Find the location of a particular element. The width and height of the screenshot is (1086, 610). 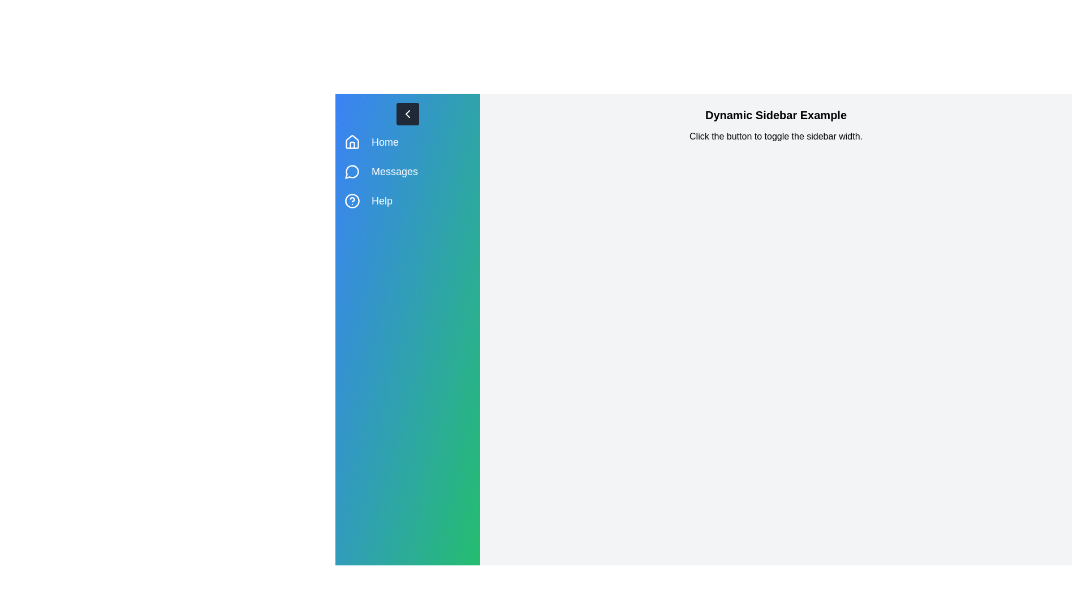

the menu item Home from the sidebar is located at coordinates (407, 141).